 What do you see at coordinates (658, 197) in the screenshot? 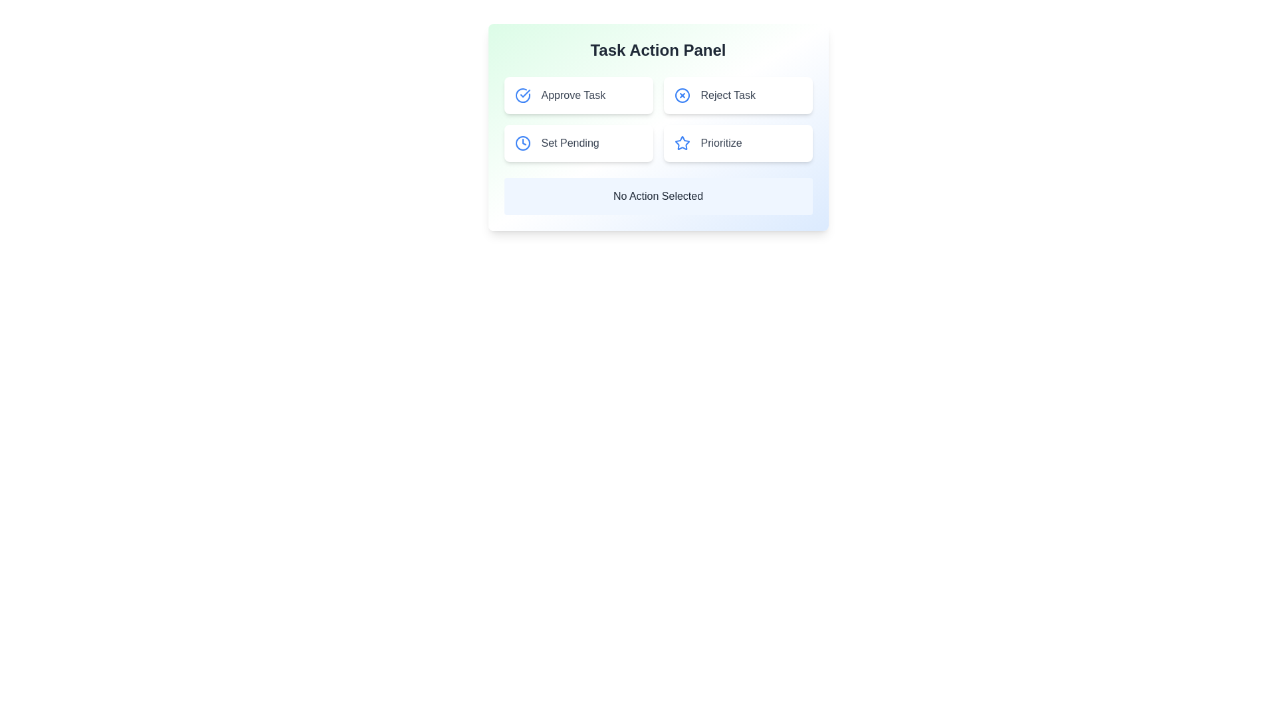
I see `the static text label that reads 'No Action Selected', which is centrally aligned and styled with a light blue background, located below the action buttons in the 'Task Action Panel'` at bounding box center [658, 197].